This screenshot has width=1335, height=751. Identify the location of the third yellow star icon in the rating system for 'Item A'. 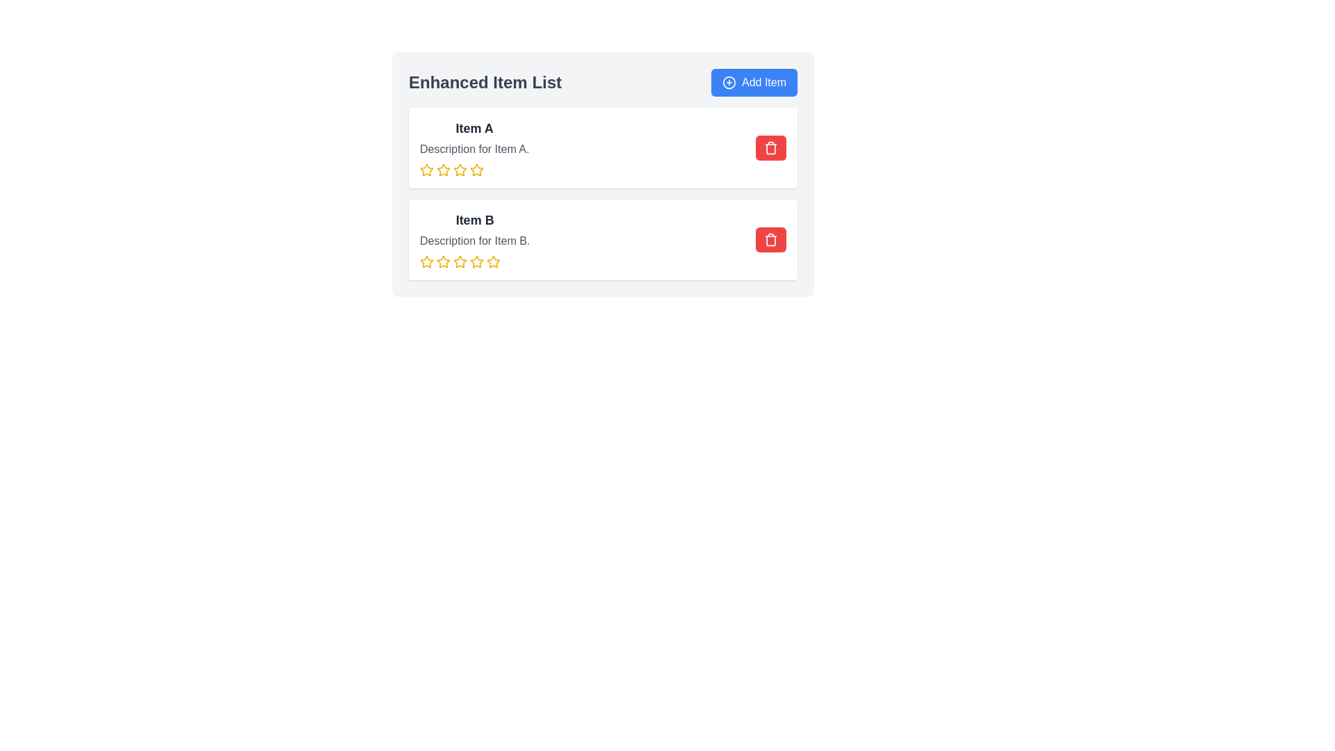
(460, 169).